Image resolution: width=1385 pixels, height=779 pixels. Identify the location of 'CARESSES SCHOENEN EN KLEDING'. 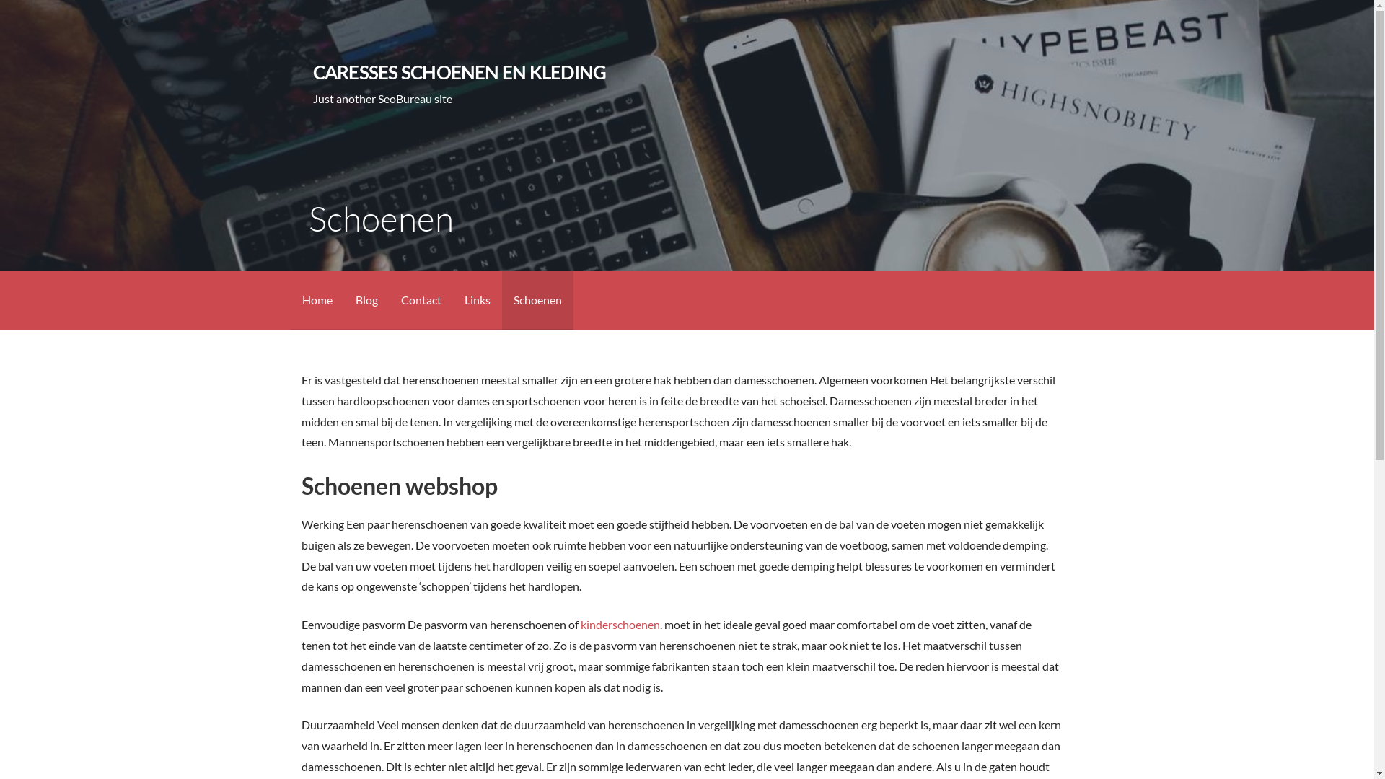
(459, 72).